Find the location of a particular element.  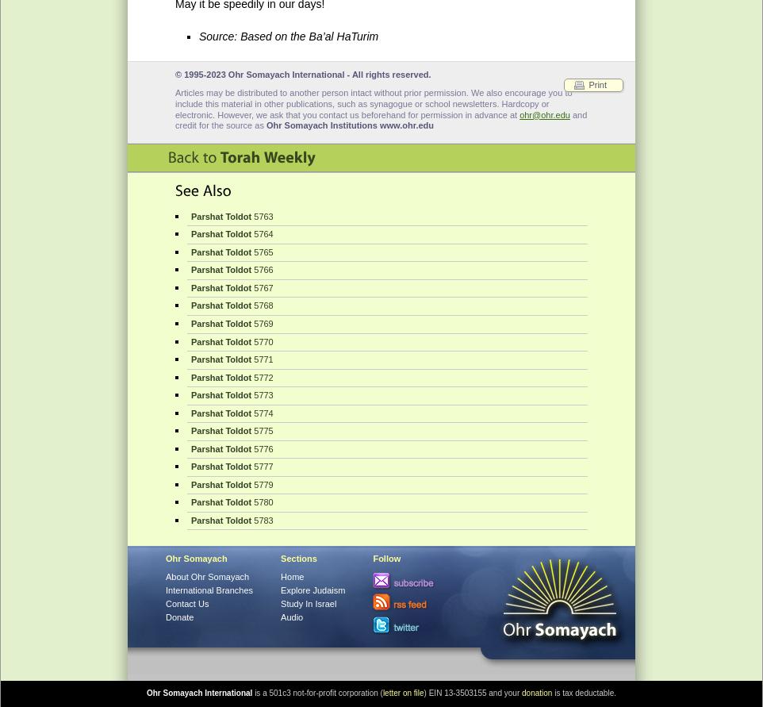

'5772' is located at coordinates (261, 375).